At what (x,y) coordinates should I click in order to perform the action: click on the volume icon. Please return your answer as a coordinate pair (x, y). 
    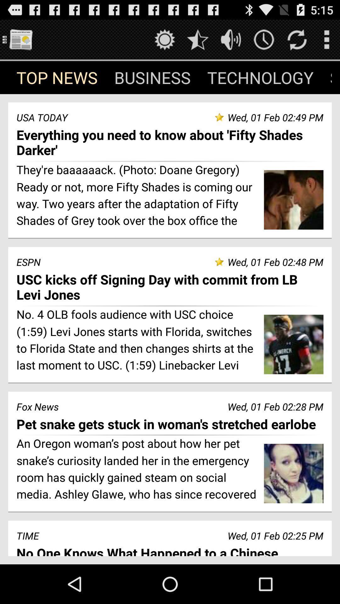
    Looking at the image, I should click on (231, 42).